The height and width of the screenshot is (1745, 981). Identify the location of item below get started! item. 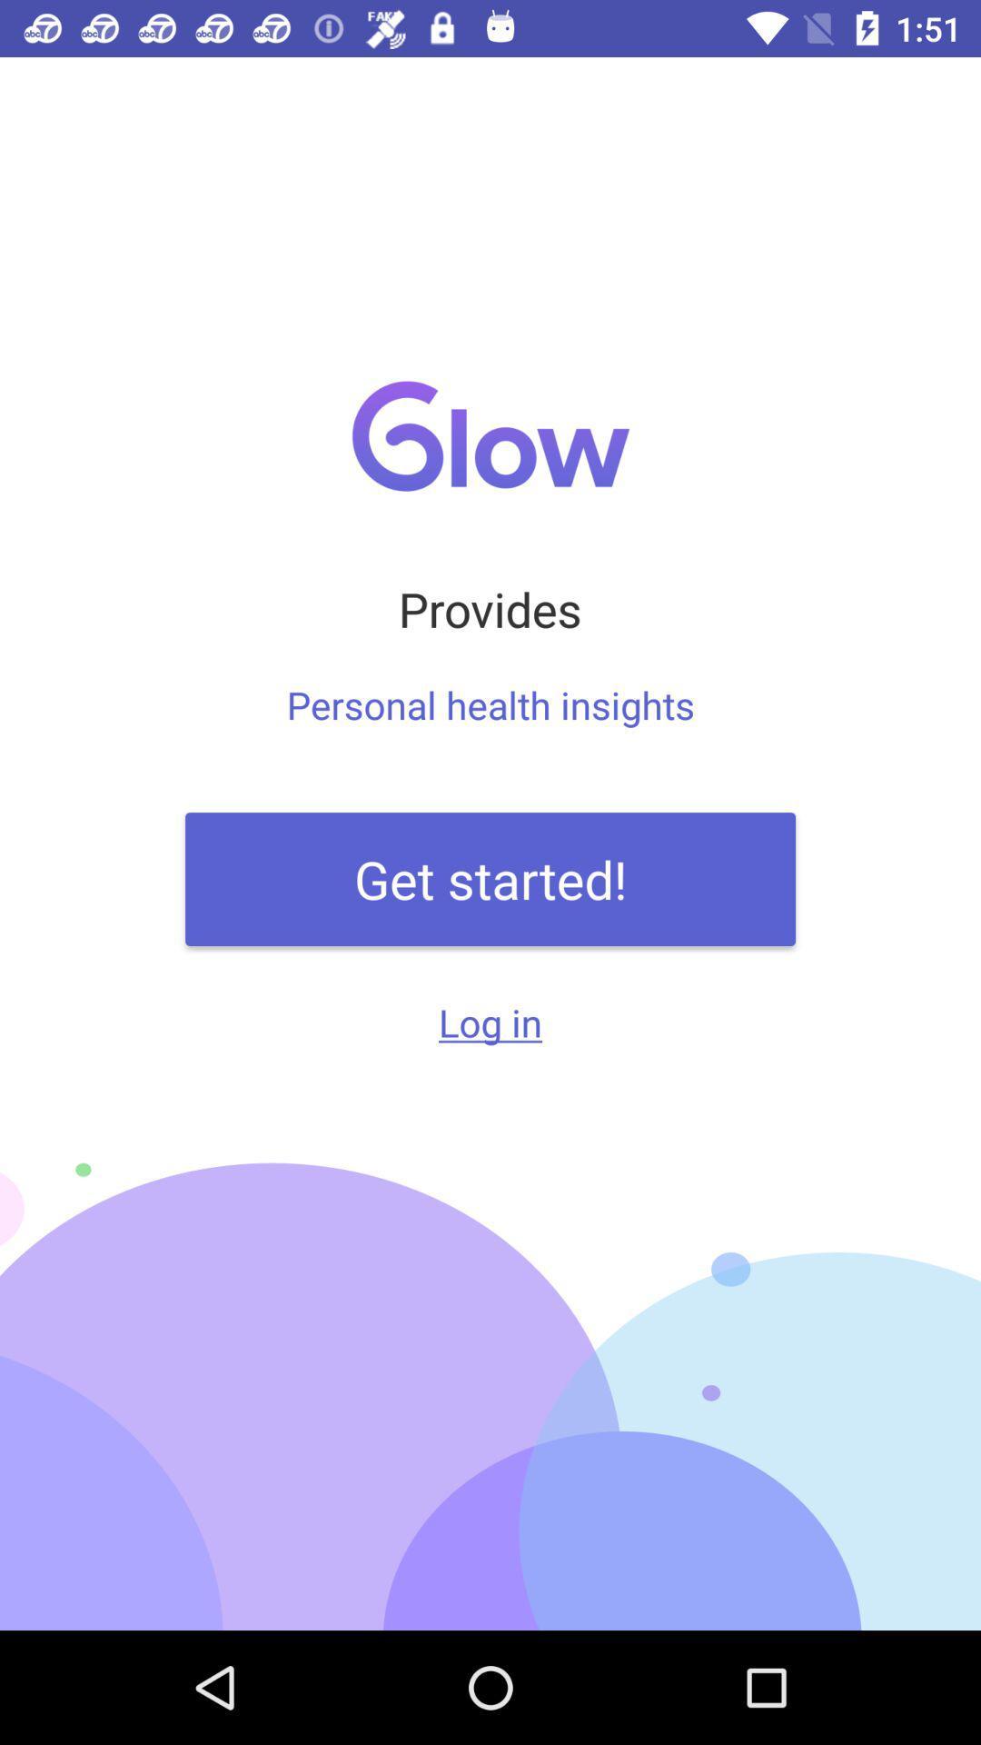
(490, 1022).